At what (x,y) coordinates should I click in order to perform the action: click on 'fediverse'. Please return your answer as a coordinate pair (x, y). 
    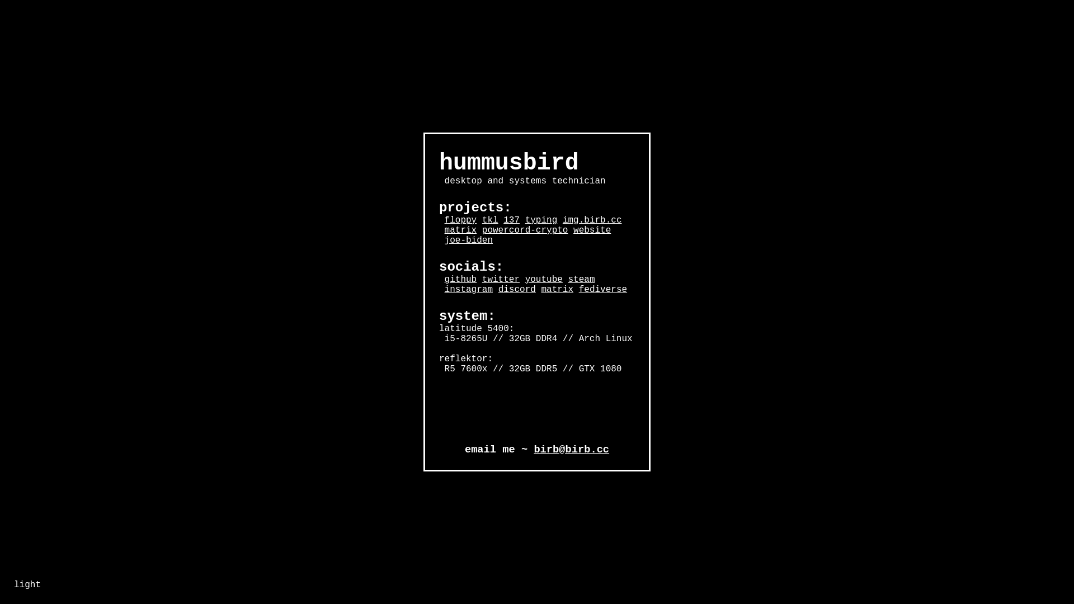
    Looking at the image, I should click on (602, 289).